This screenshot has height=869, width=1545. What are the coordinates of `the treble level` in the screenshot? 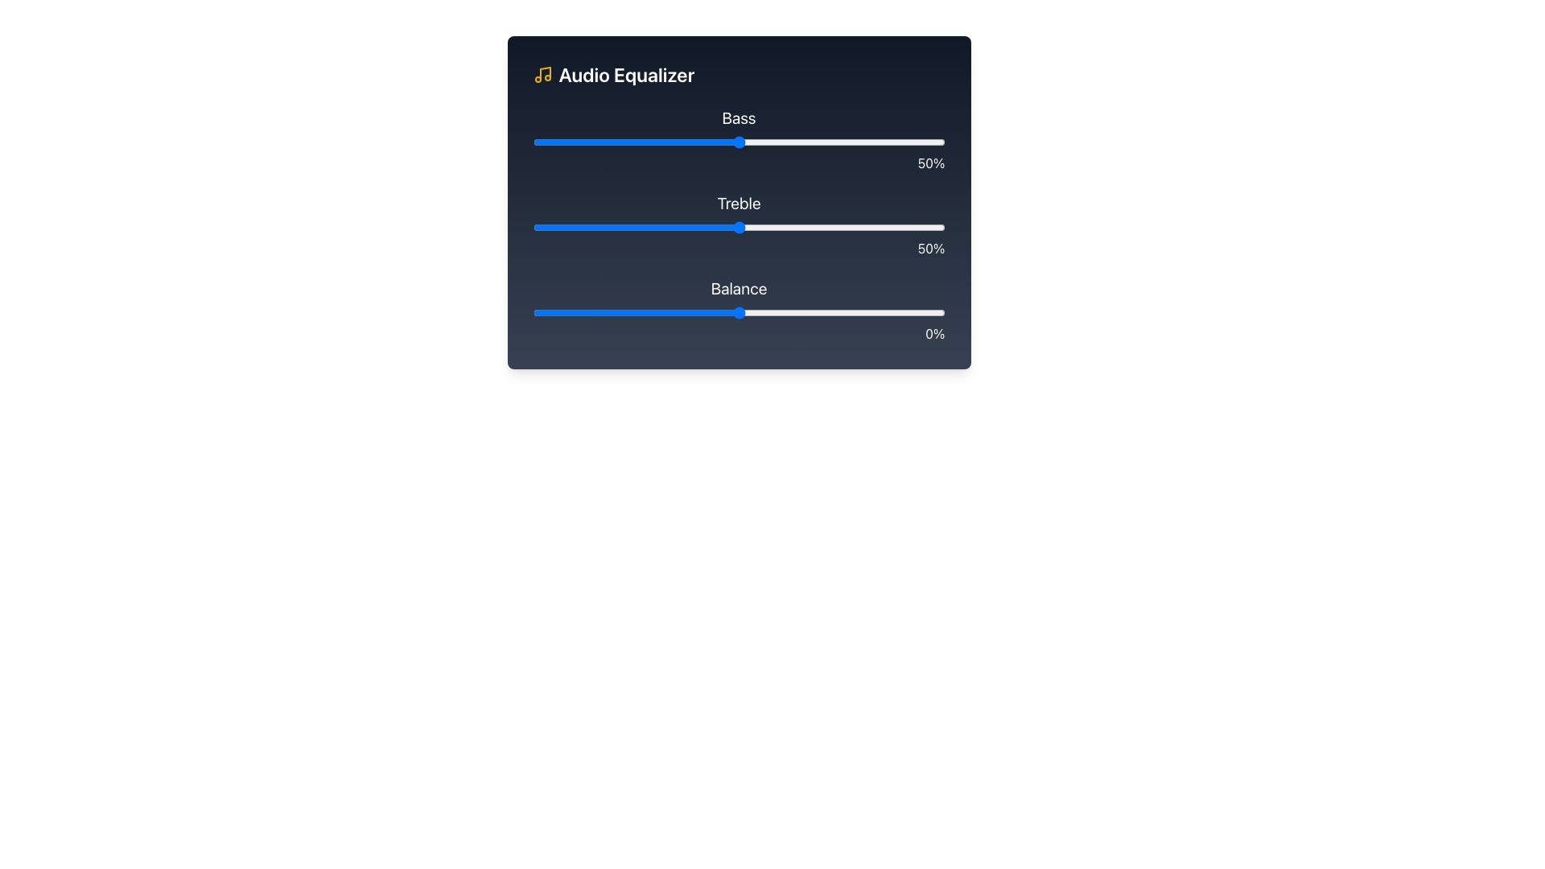 It's located at (594, 227).